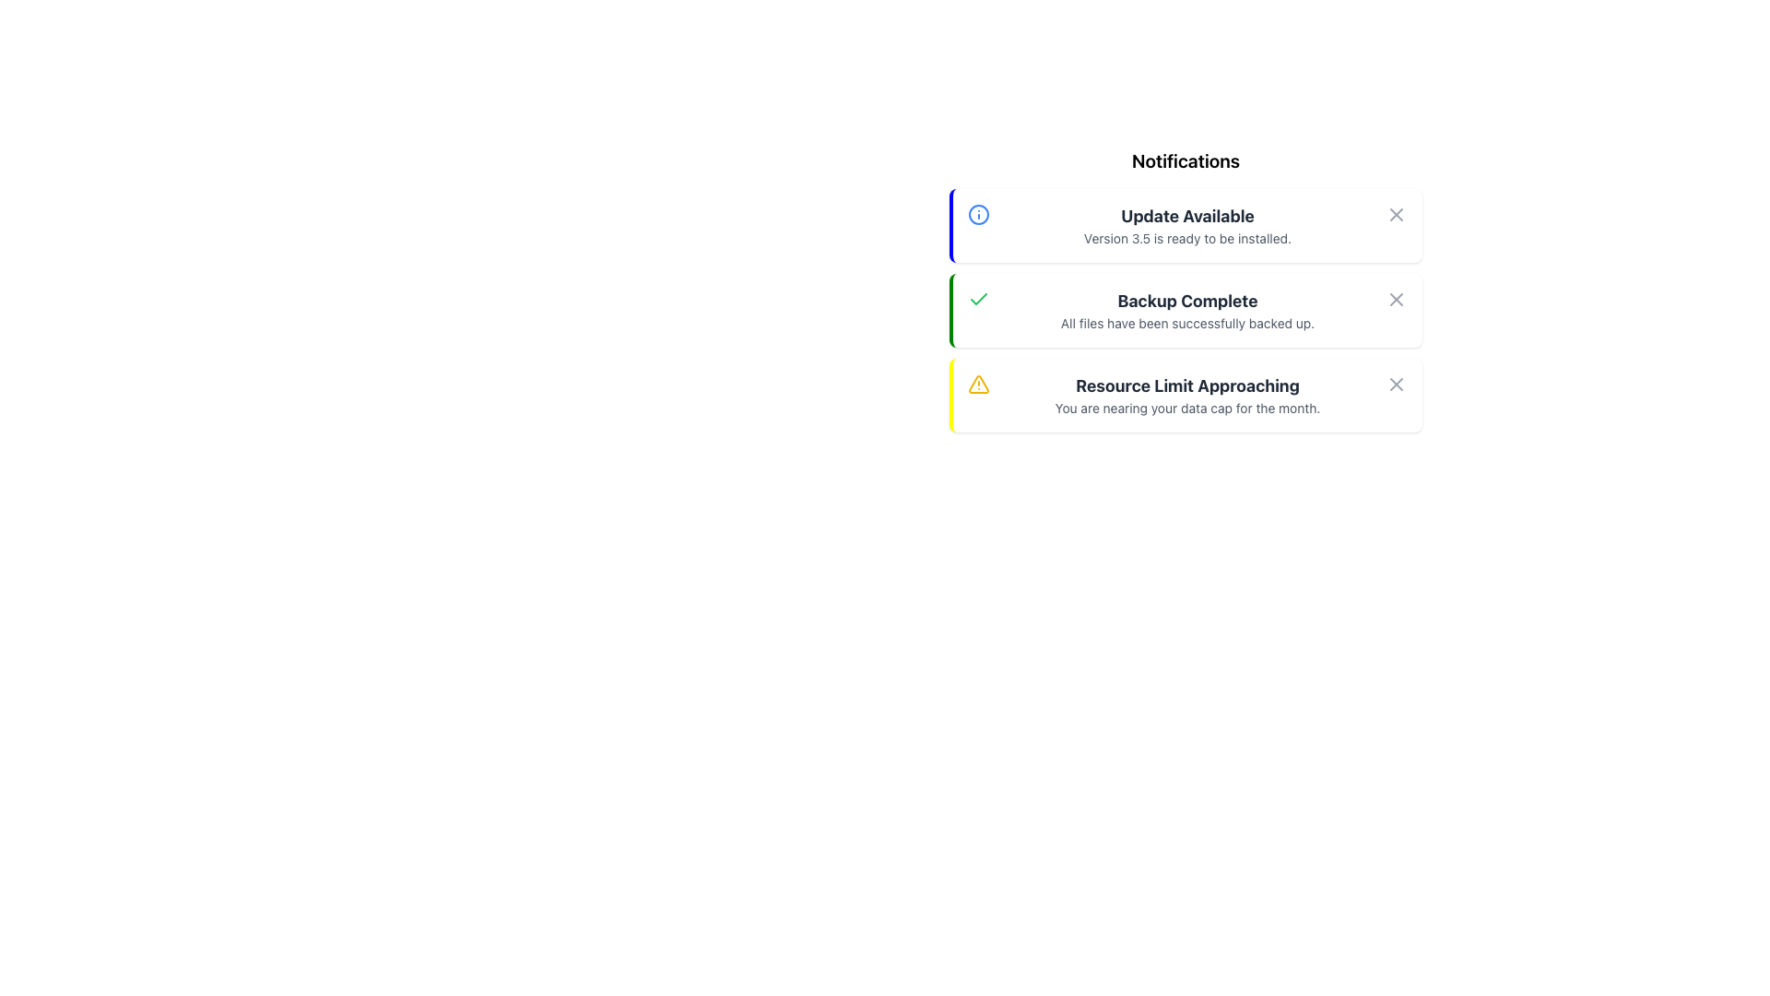 The height and width of the screenshot is (996, 1770). What do you see at coordinates (1187, 225) in the screenshot?
I see `the informational message text block about the software update in the middle notification card` at bounding box center [1187, 225].